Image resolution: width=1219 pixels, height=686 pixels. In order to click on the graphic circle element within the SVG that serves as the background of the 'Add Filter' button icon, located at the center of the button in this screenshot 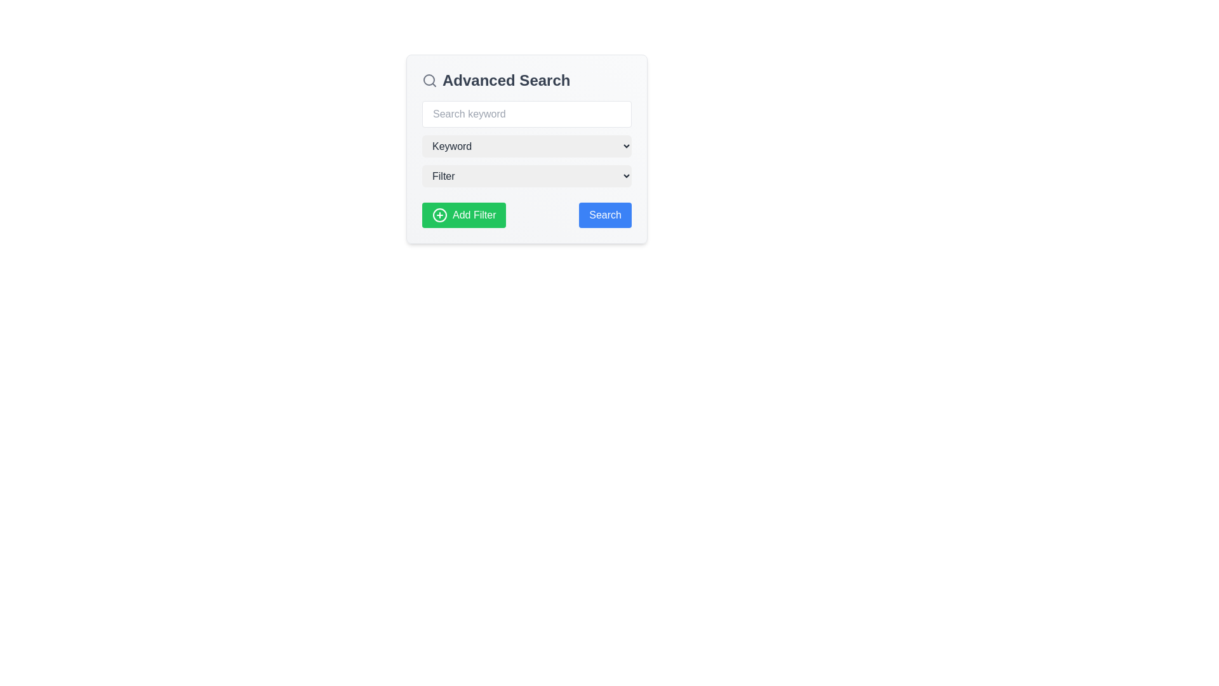, I will do `click(439, 215)`.